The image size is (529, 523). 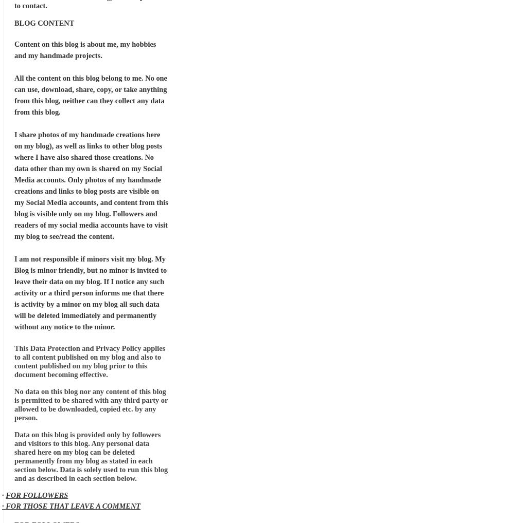 What do you see at coordinates (14, 185) in the screenshot?
I see `'I share photos of my handmade creations here on my blog), as well as links to other blog posts where I have also shared those creations. No data other than my own is shared on my Social Media accounts. Only photos of my handmade creations and links to blog posts are visible on my Social Media accounts, and content from this blog is visible only on my blog. Followers and readers of my social media accounts have to visit my blog to see/read the content.'` at bounding box center [14, 185].